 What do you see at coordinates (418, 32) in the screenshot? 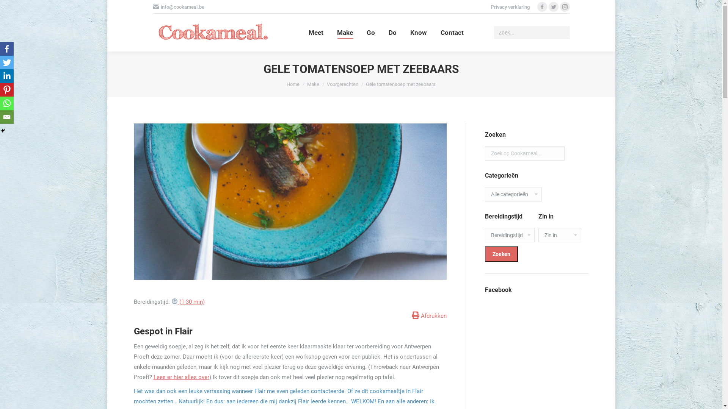
I see `'Know'` at bounding box center [418, 32].